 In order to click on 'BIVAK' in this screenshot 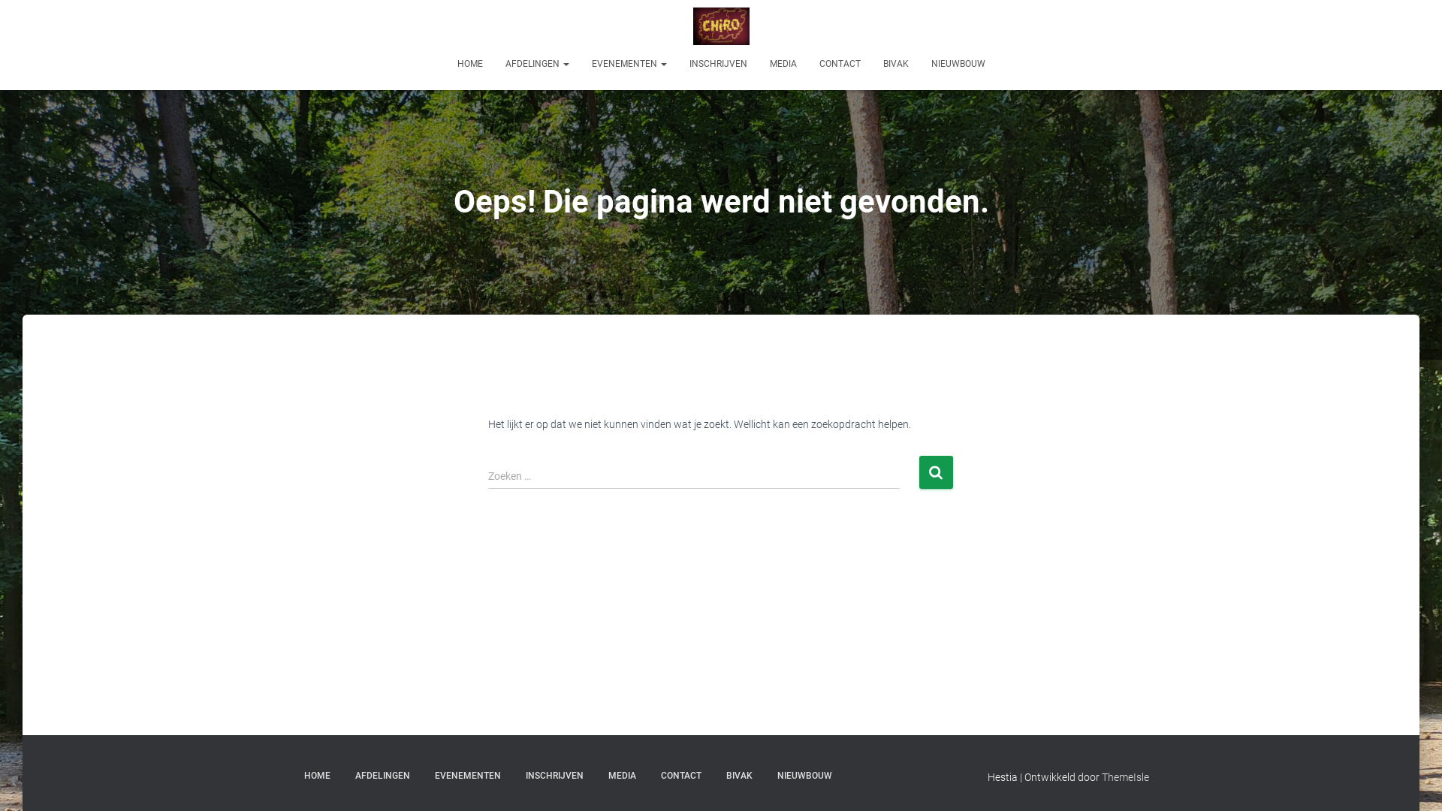, I will do `click(894, 62)`.